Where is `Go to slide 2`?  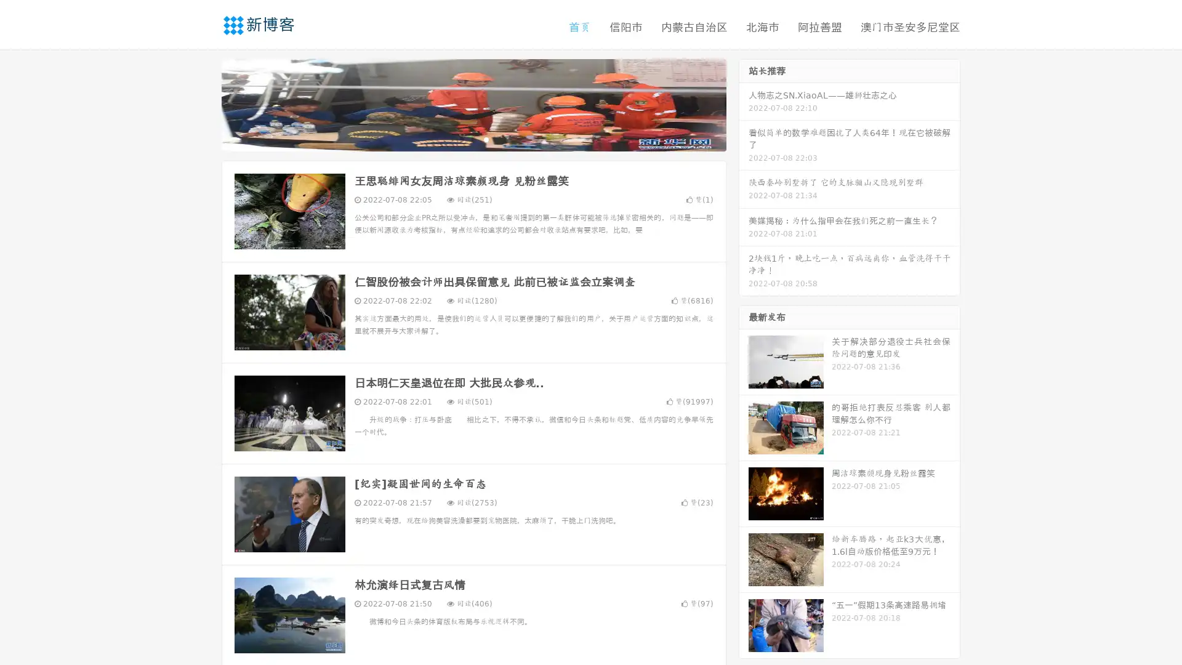 Go to slide 2 is located at coordinates (473, 139).